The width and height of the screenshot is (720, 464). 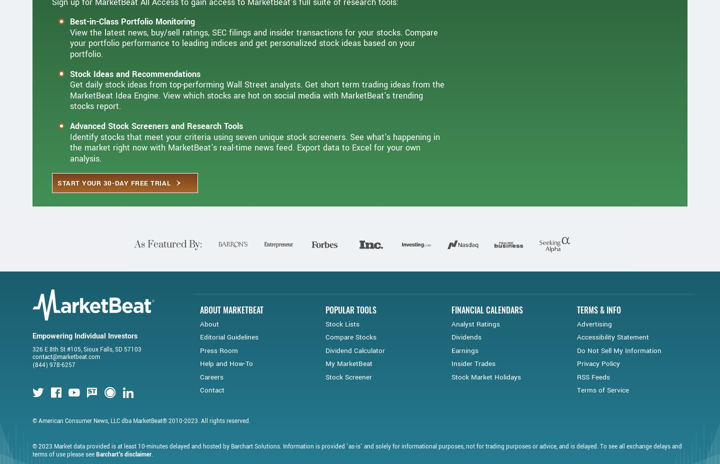 I want to click on 'Careers', so click(x=211, y=409).